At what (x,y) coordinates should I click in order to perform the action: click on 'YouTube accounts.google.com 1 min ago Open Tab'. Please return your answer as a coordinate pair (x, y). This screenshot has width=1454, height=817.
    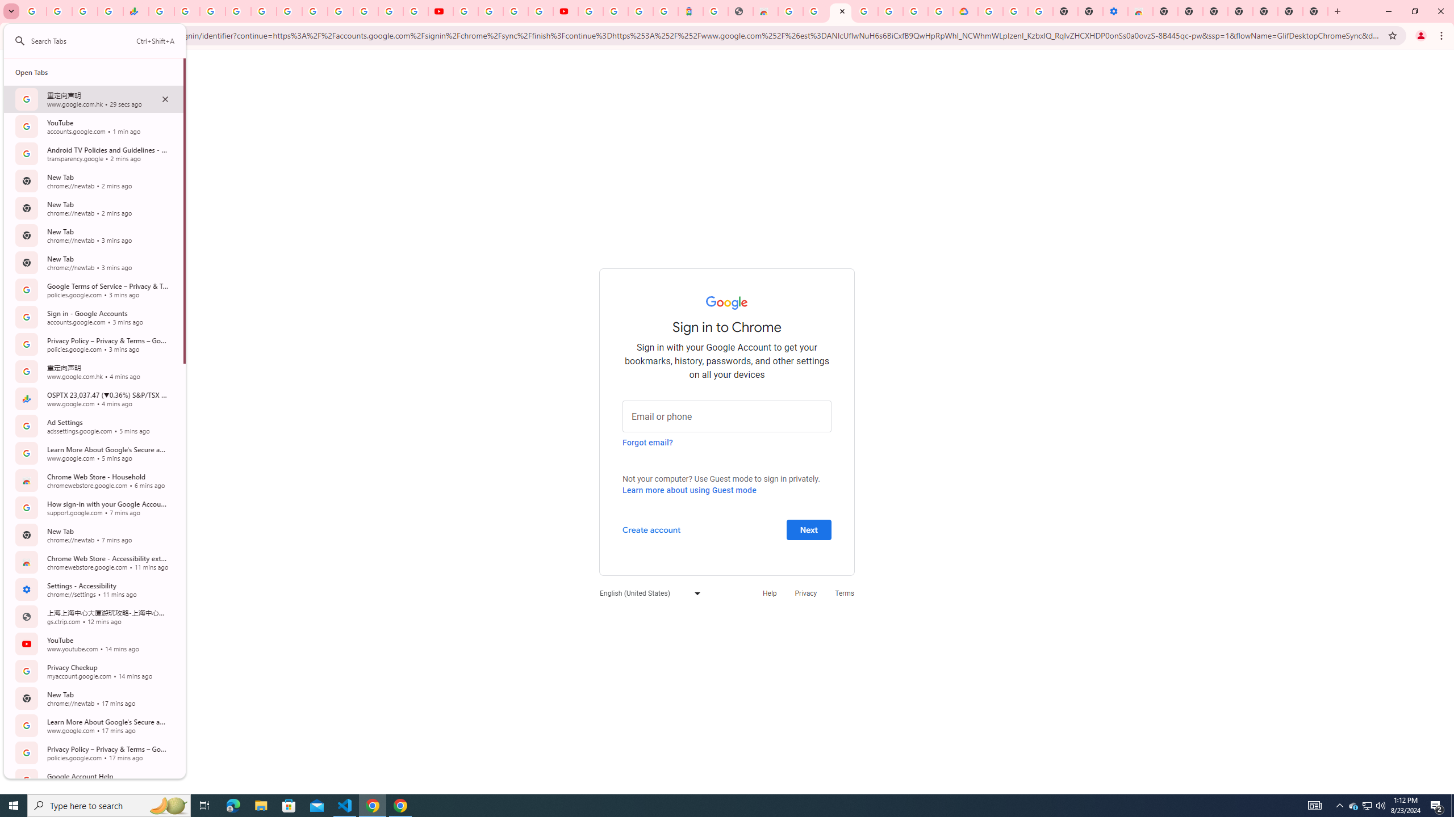
    Looking at the image, I should click on (93, 126).